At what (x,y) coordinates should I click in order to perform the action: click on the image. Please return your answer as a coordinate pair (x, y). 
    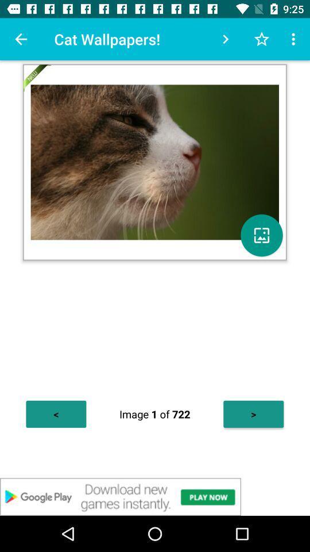
    Looking at the image, I should click on (261, 235).